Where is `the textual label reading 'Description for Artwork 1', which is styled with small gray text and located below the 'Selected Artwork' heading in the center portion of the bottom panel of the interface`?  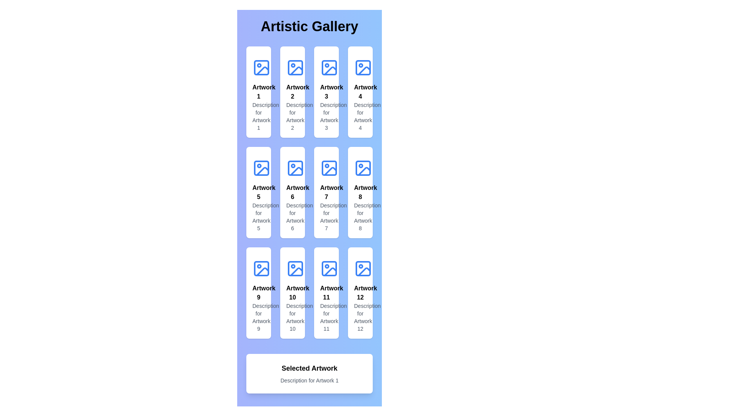 the textual label reading 'Description for Artwork 1', which is styled with small gray text and located below the 'Selected Artwork' heading in the center portion of the bottom panel of the interface is located at coordinates (309, 380).